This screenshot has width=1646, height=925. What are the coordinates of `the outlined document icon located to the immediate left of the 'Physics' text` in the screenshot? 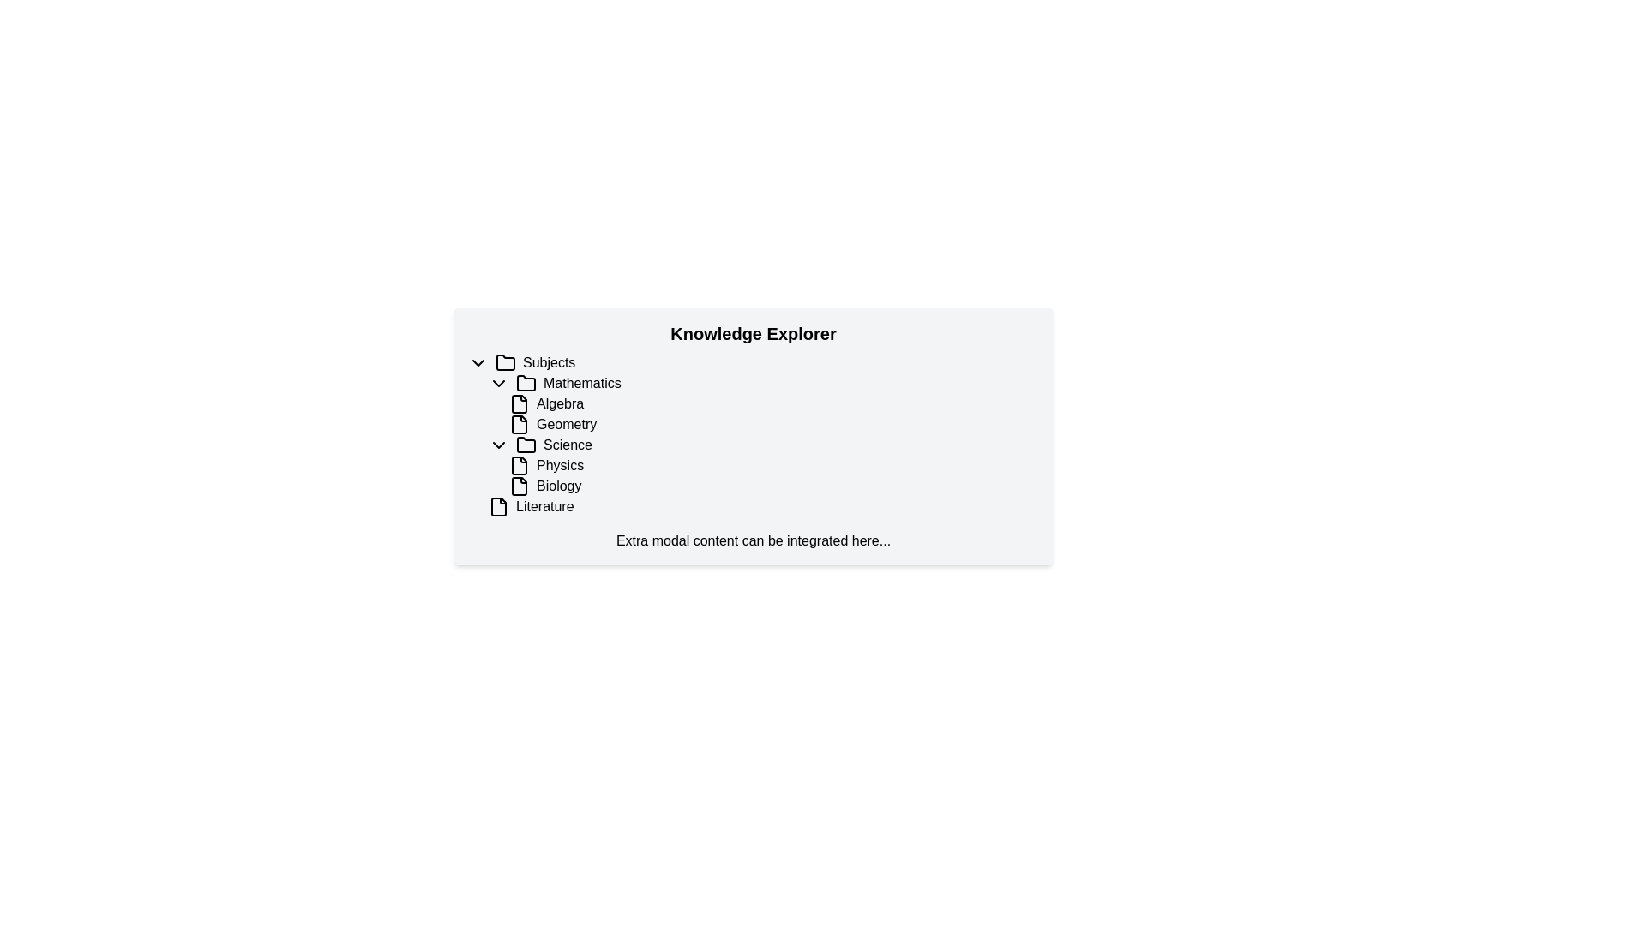 It's located at (518, 465).